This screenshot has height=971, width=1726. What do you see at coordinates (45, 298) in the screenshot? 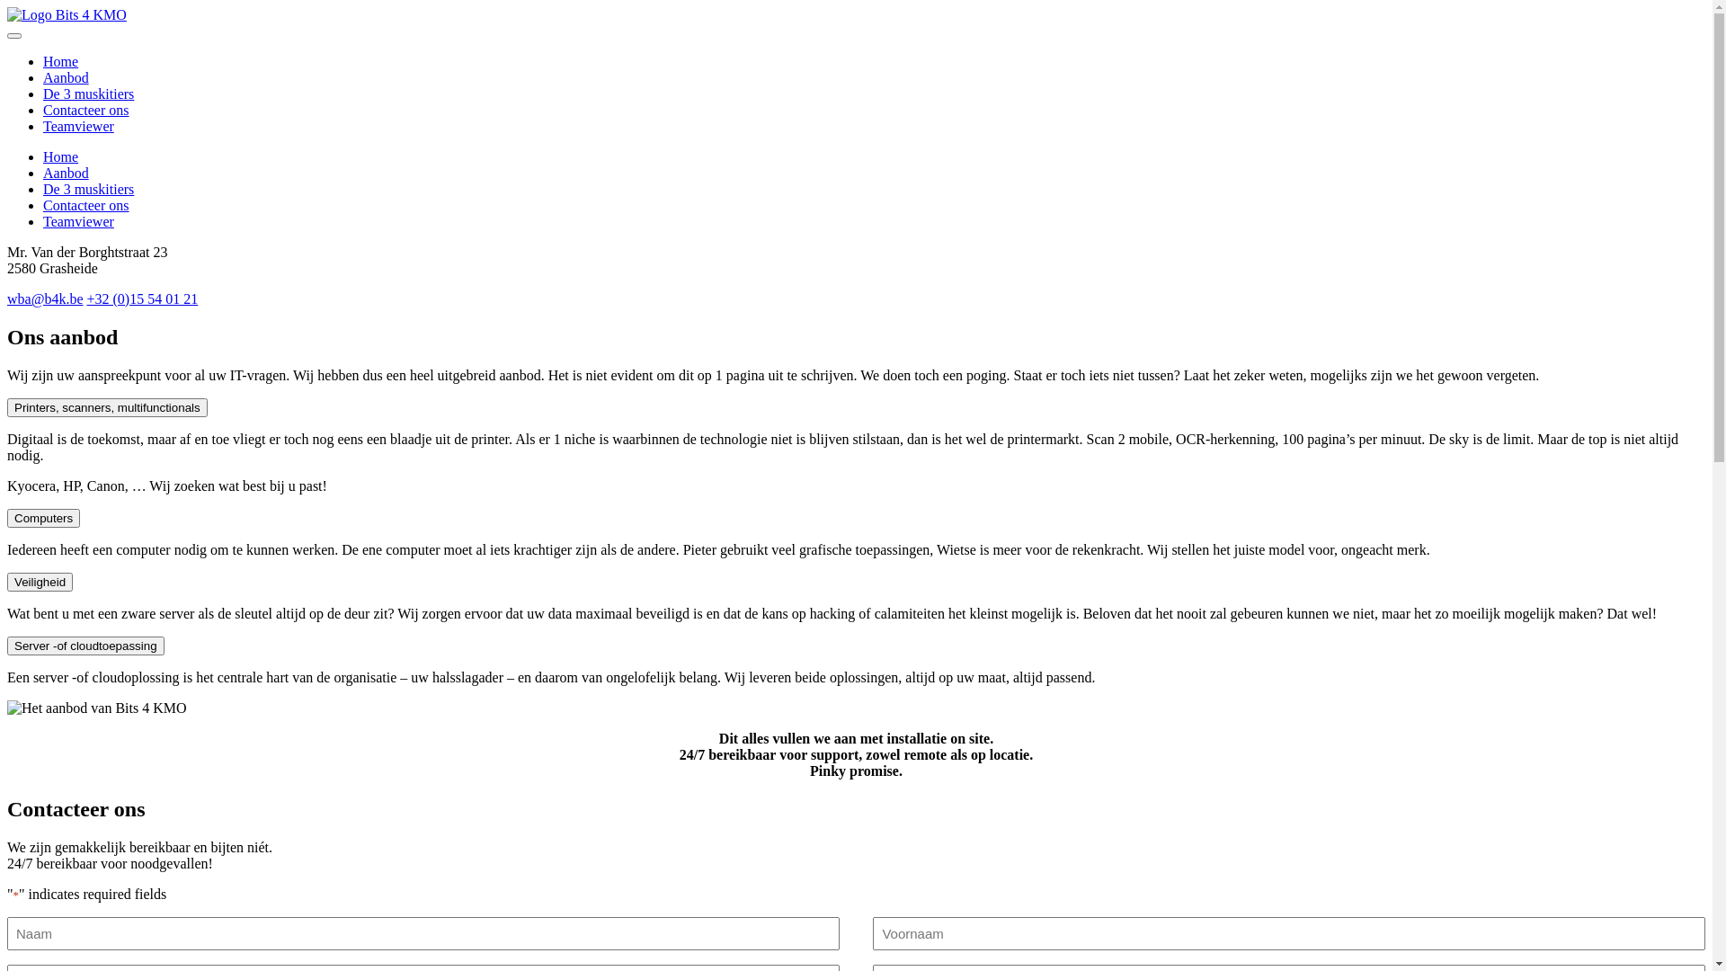
I see `'wba@b4k.be'` at bounding box center [45, 298].